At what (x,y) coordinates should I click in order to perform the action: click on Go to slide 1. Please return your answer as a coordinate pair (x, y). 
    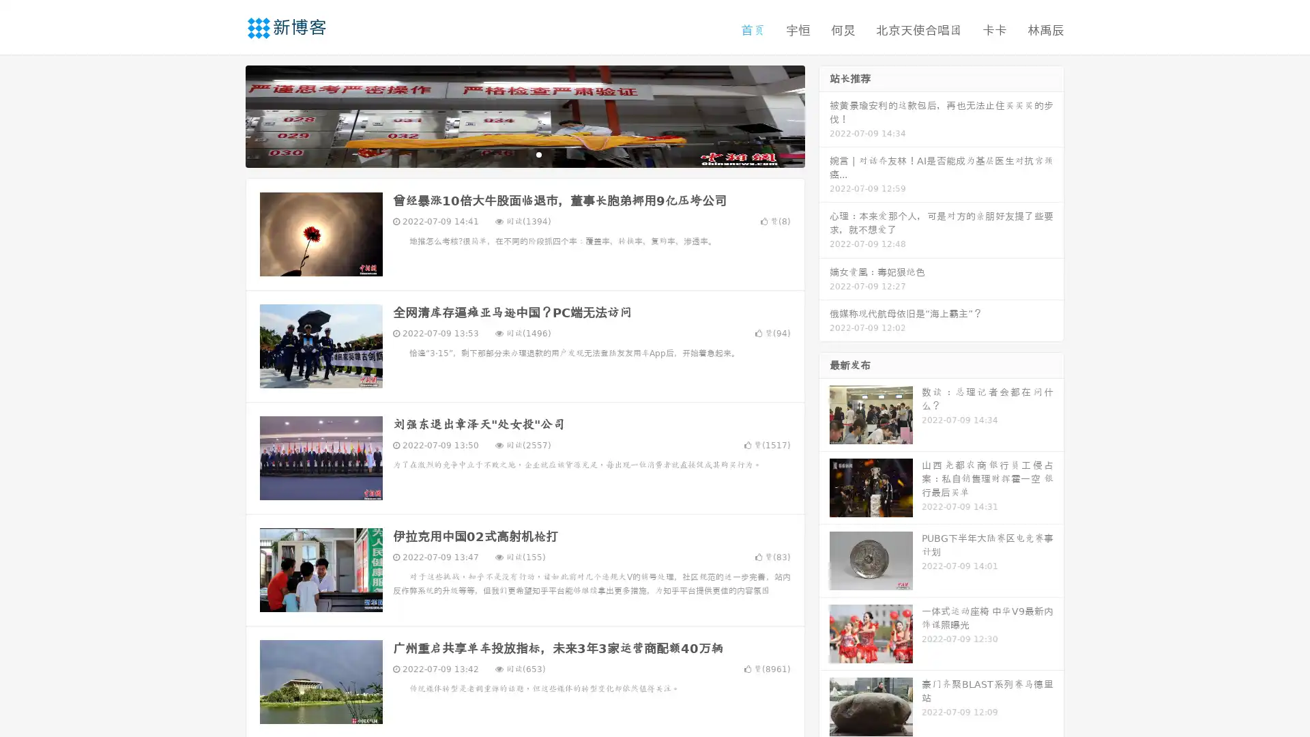
    Looking at the image, I should click on (510, 154).